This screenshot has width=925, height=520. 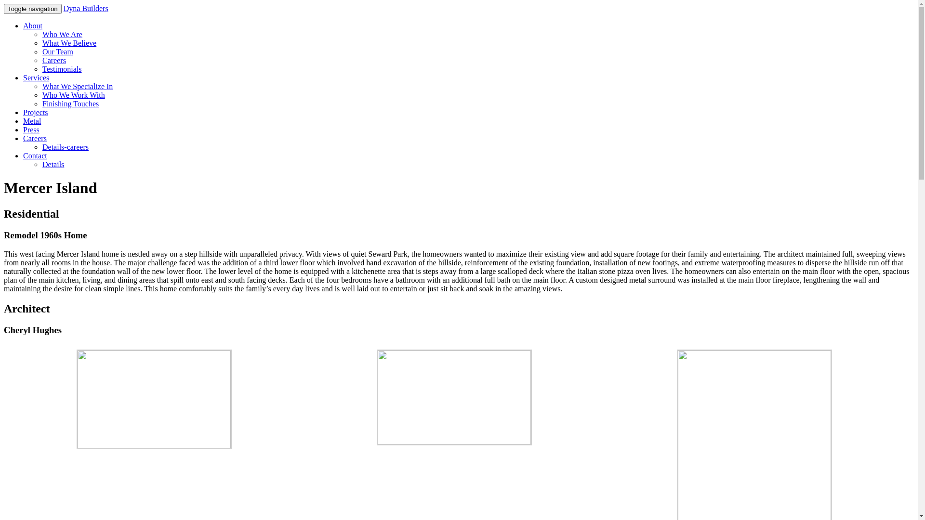 What do you see at coordinates (53, 164) in the screenshot?
I see `'Details'` at bounding box center [53, 164].